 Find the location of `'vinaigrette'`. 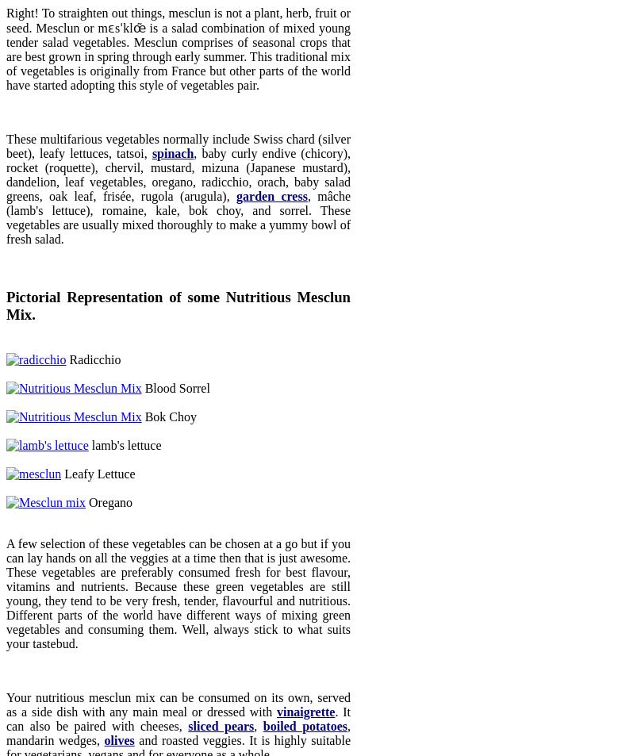

'vinaigrette' is located at coordinates (305, 711).